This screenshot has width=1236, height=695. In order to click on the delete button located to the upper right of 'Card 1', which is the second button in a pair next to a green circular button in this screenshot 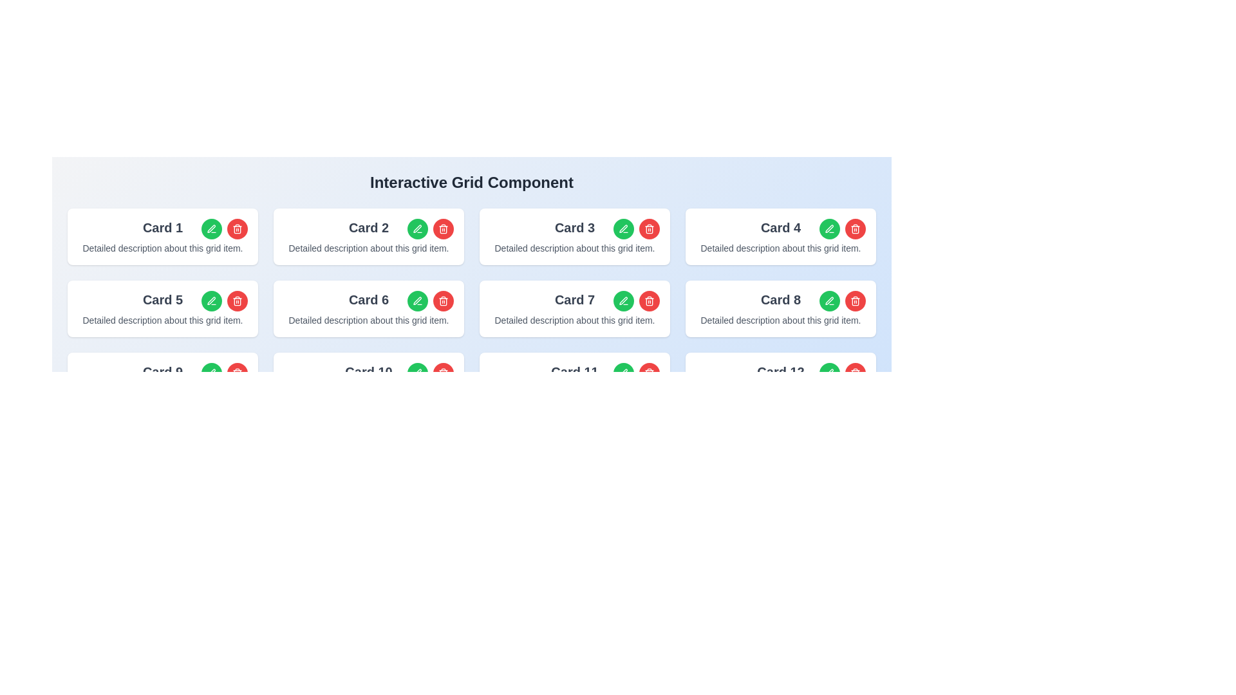, I will do `click(225, 228)`.